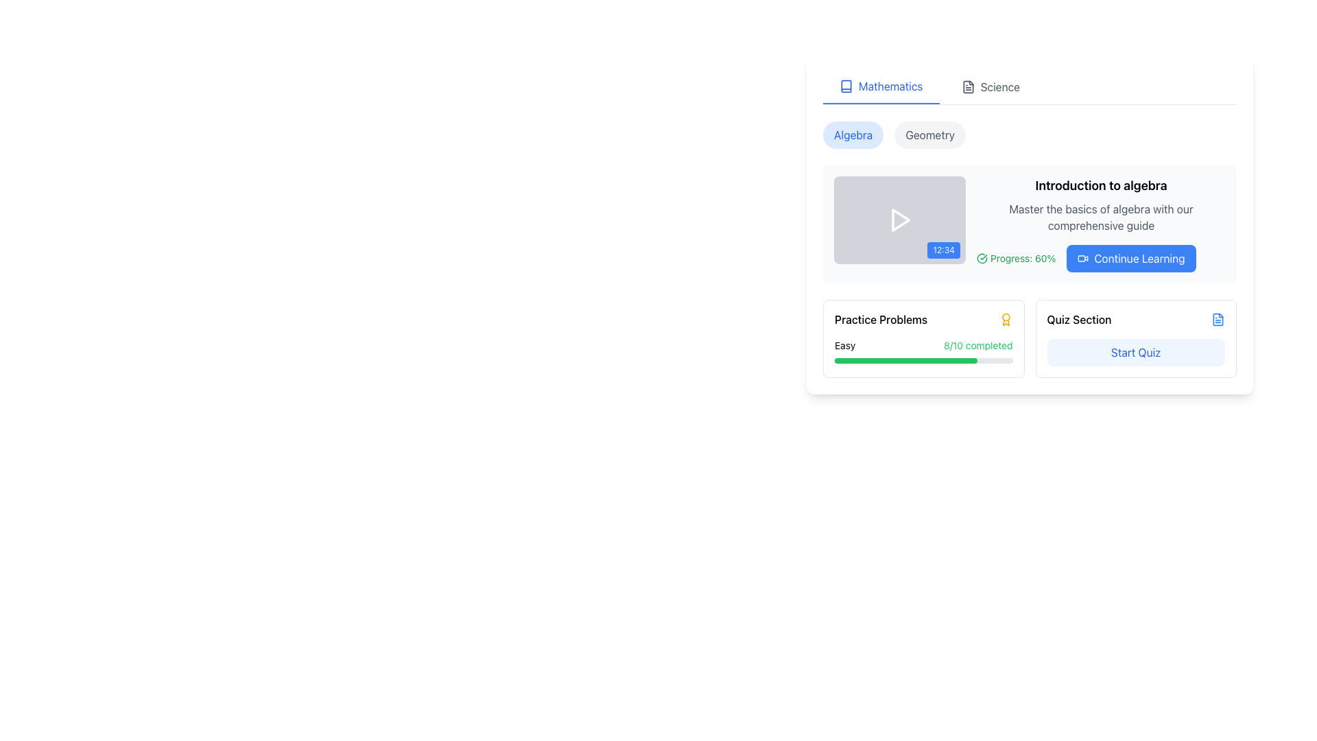 The height and width of the screenshot is (741, 1317). I want to click on the visual representation of the first circular progress indicator icon, which is styled with a stroke and located to the left of the textual progress indicator showing 'Progress: 60%', so click(981, 259).